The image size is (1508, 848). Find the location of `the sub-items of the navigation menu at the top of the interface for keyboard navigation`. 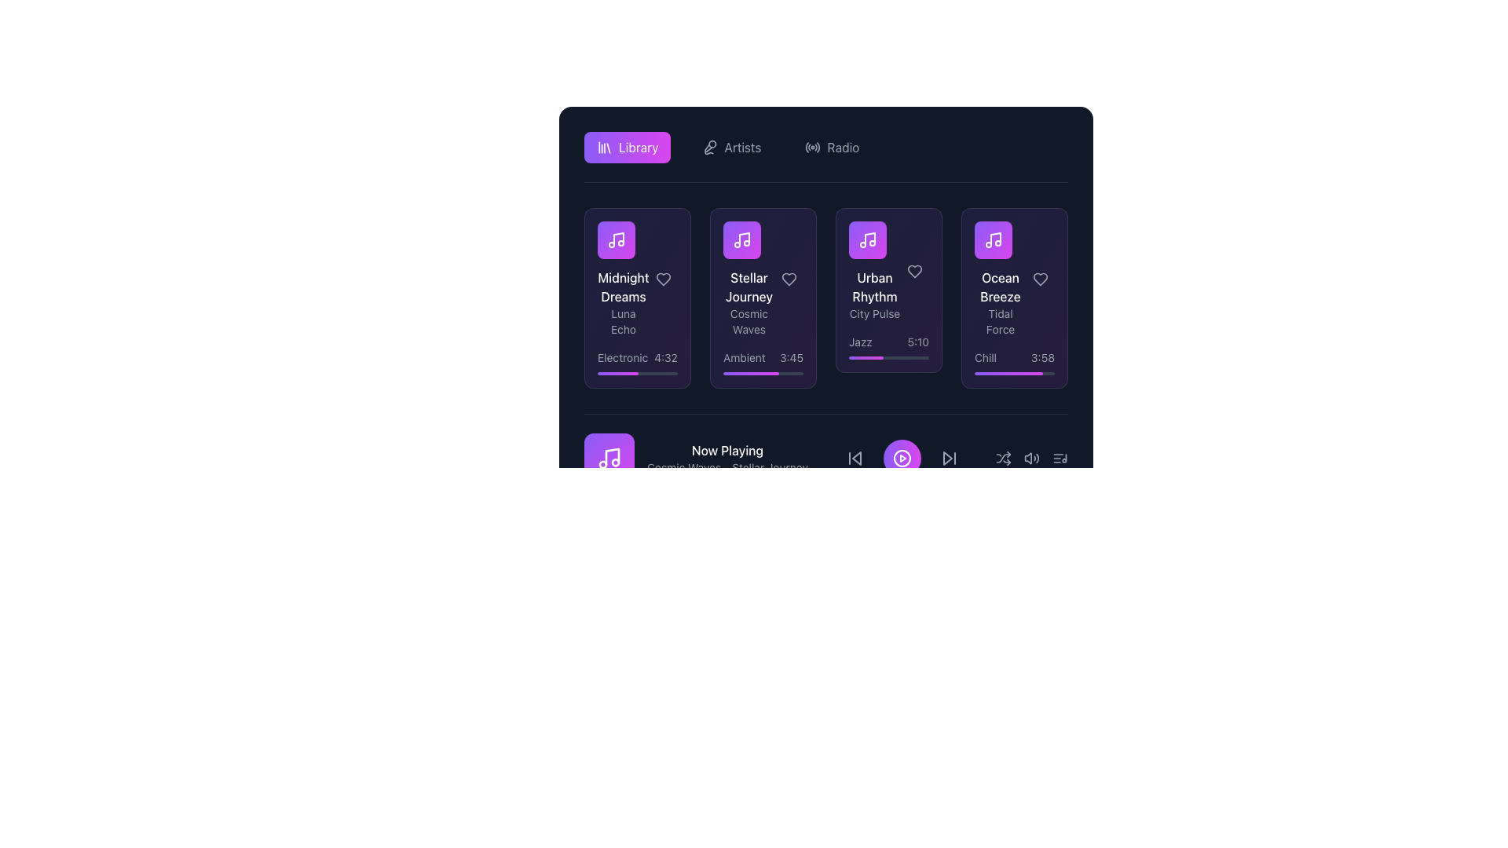

the sub-items of the navigation menu at the top of the interface for keyboard navigation is located at coordinates (825, 148).